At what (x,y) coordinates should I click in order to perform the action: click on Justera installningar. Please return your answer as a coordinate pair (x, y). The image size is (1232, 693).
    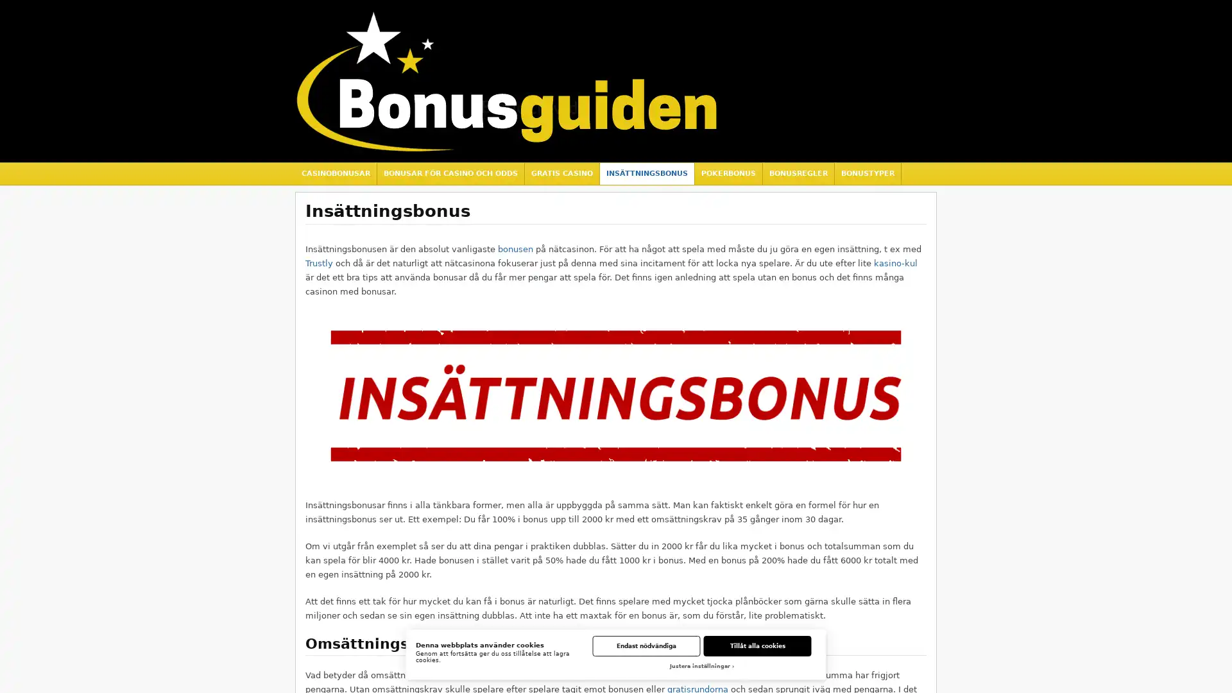
    Looking at the image, I should click on (701, 665).